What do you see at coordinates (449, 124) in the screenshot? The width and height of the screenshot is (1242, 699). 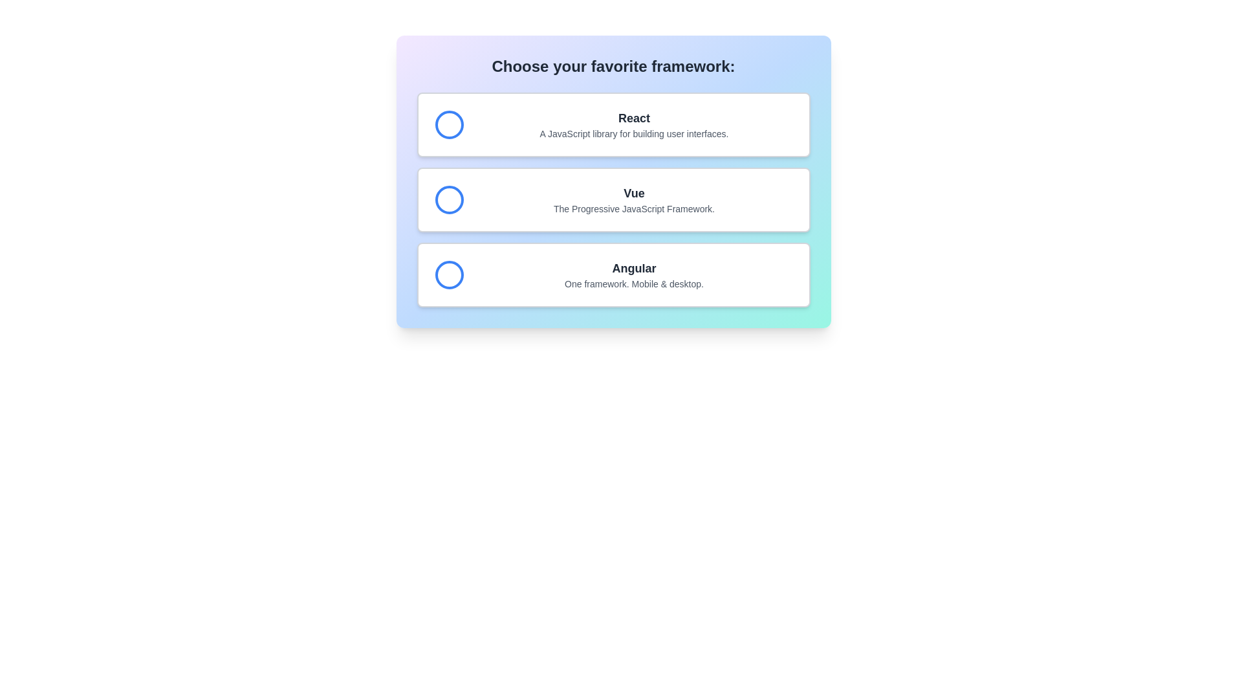 I see `the blue outlined circular radio button located to the left of the label 'React' in the first row of the list for keyboard navigation` at bounding box center [449, 124].